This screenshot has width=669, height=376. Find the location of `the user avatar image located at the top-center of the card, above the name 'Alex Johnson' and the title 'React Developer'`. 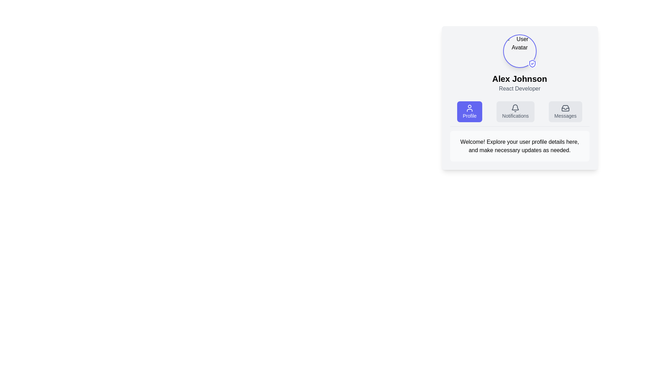

the user avatar image located at the top-center of the card, above the name 'Alex Johnson' and the title 'React Developer' is located at coordinates (520, 50).